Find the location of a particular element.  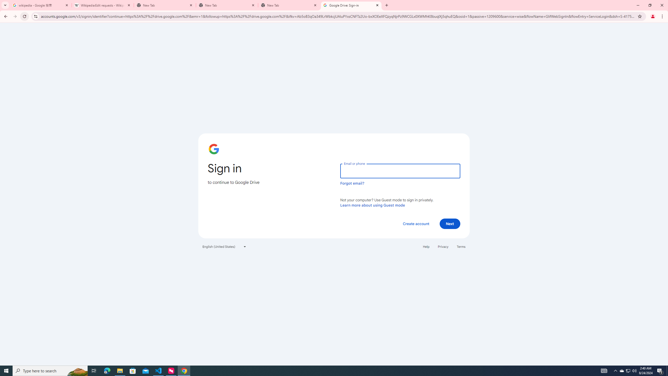

'Email or phone' is located at coordinates (400, 171).